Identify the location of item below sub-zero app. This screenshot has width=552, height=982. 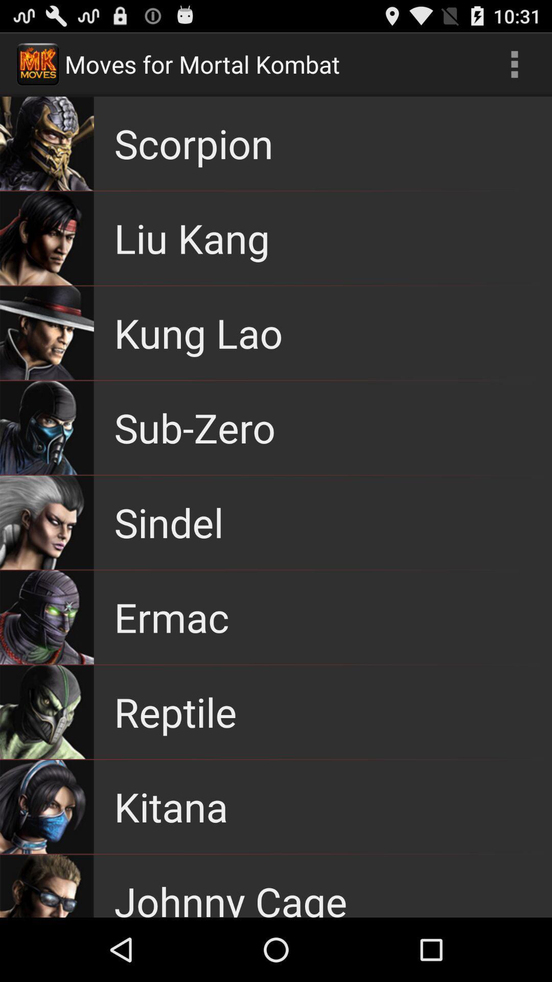
(168, 522).